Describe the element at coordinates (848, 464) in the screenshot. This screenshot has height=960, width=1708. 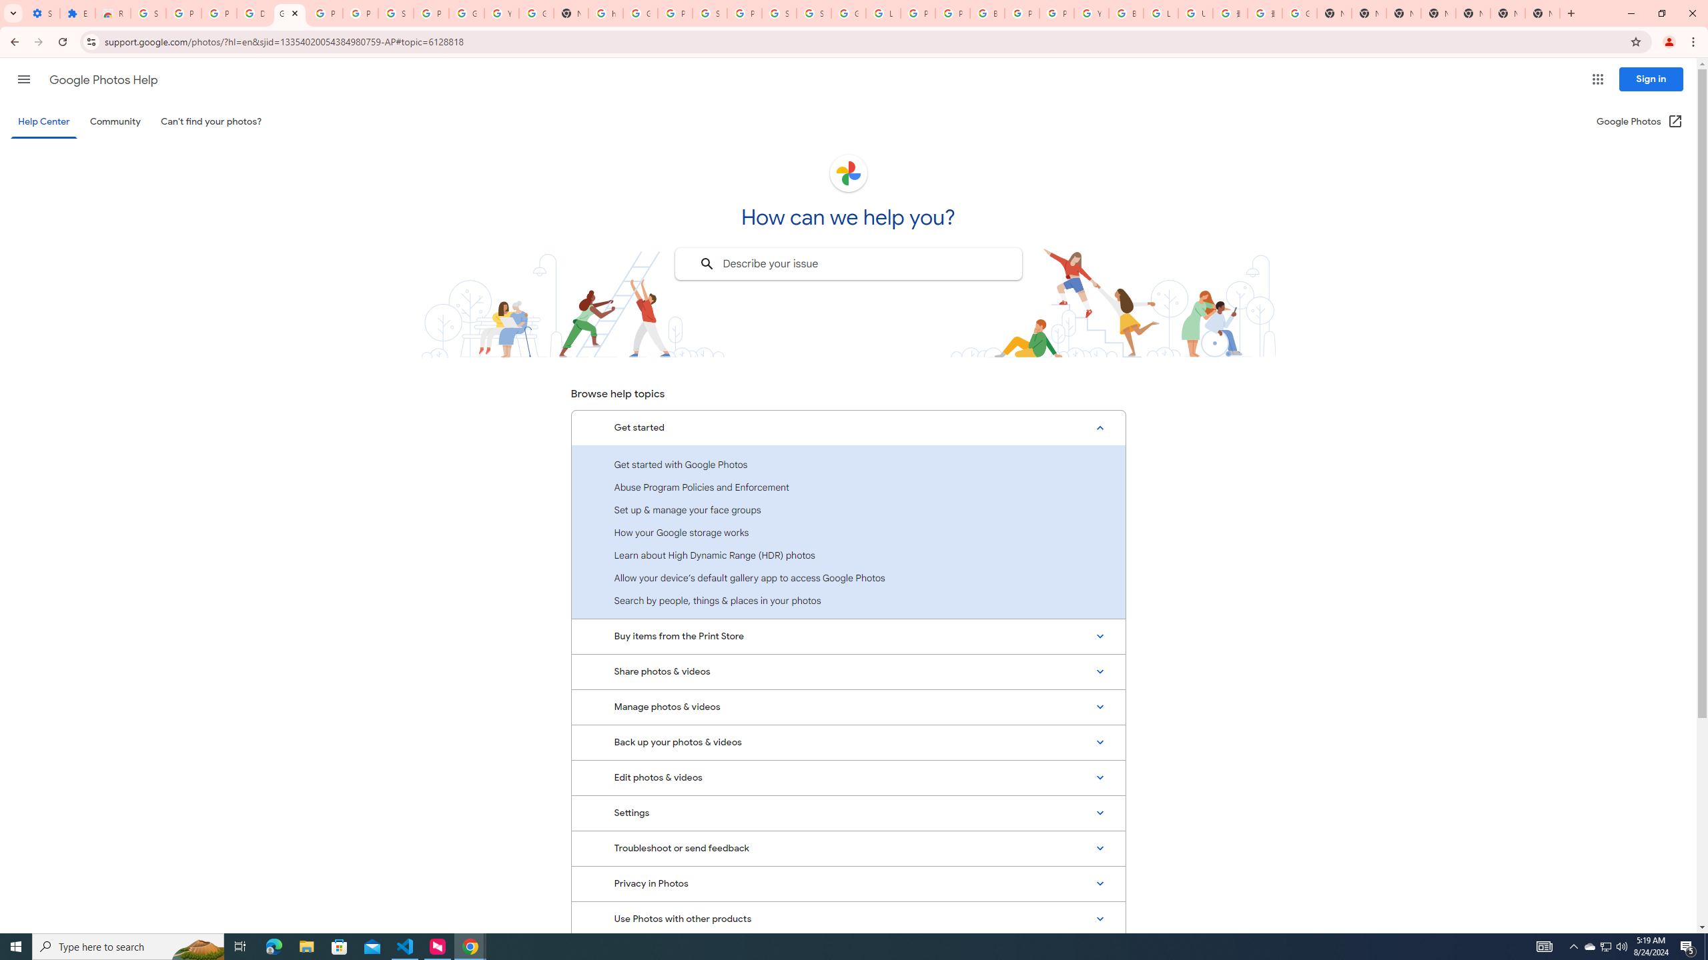
I see `'Get started with Google Photos'` at that location.